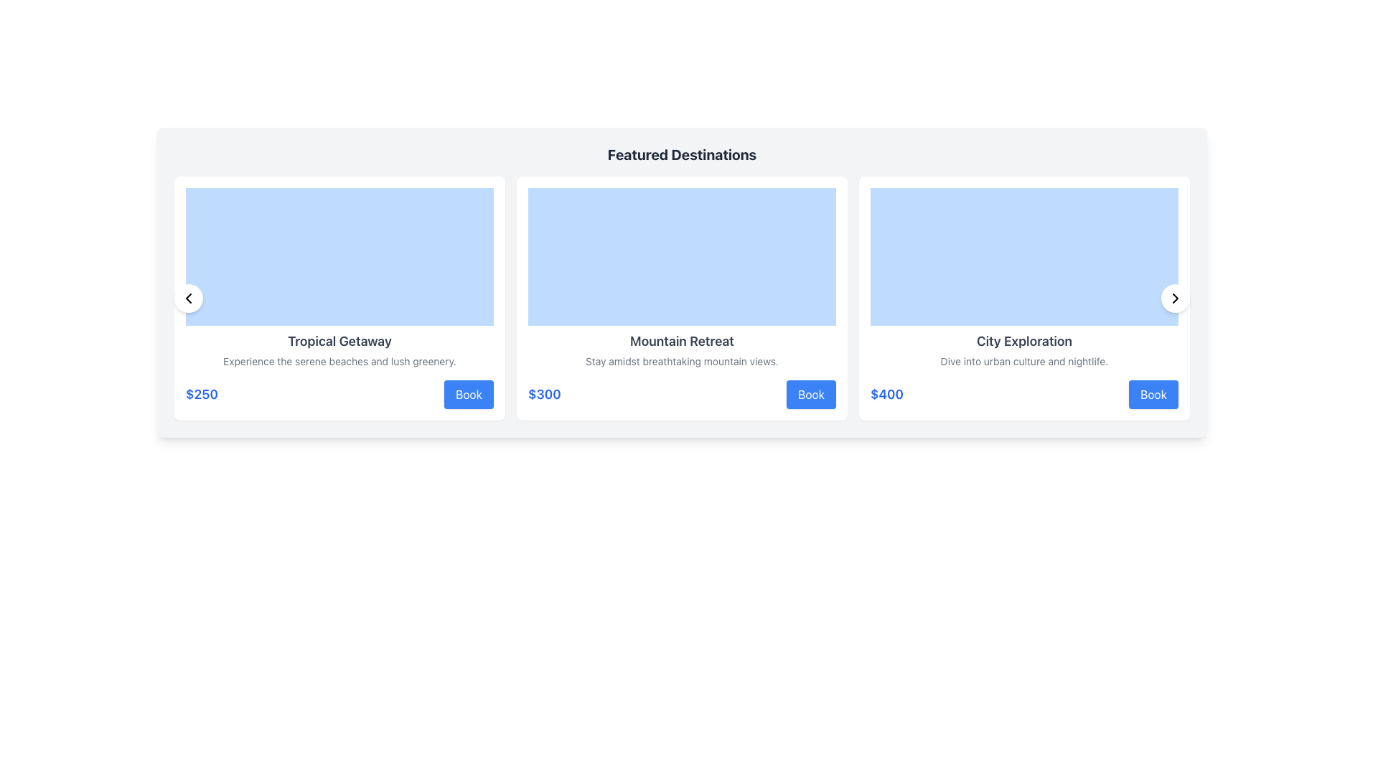 This screenshot has height=775, width=1378. What do you see at coordinates (1023, 298) in the screenshot?
I see `the third card in the grid layout that presents information about the 'City Exploration' experience` at bounding box center [1023, 298].